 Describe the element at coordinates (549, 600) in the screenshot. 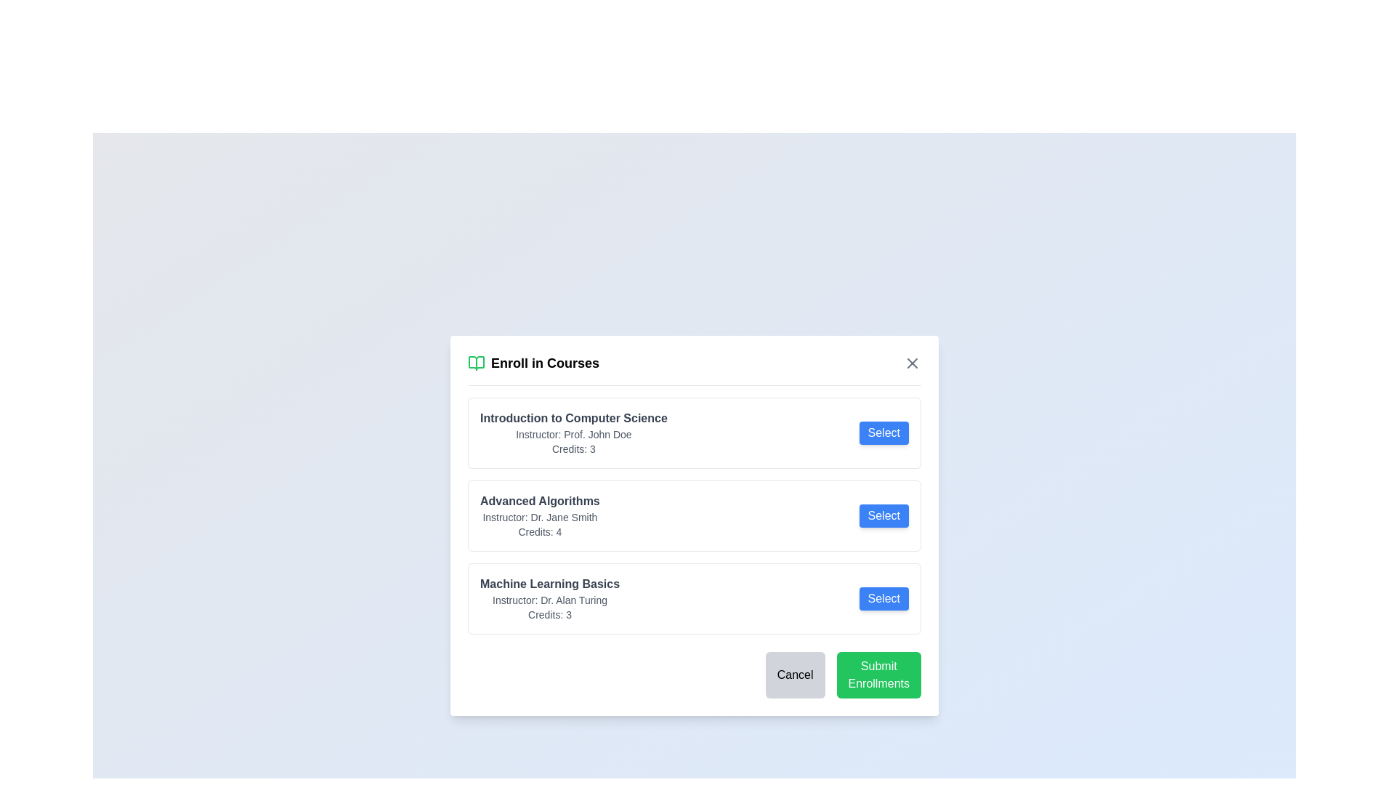

I see `text label displaying the name of the course instructor, which is located beneath the course title 'Machine Learning Basics' and above the 'Credits: 3' text in the course listing interface panel` at that location.